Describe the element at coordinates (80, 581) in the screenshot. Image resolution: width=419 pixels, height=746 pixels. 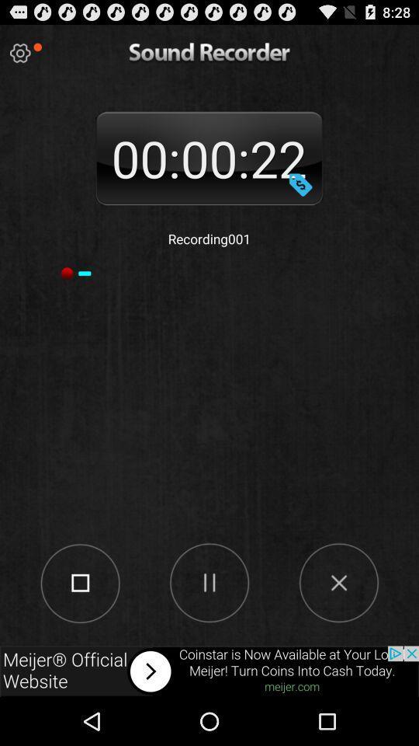
I see `stop recording` at that location.